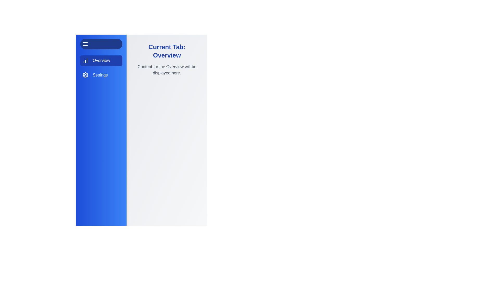 This screenshot has width=500, height=281. I want to click on the settings tab element to explore its layout, so click(101, 75).